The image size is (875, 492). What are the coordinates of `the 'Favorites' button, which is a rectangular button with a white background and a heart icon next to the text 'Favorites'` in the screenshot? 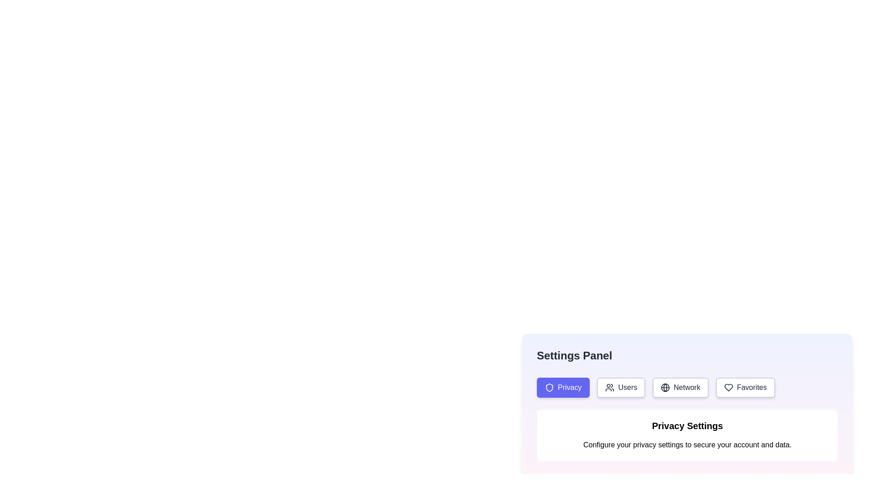 It's located at (745, 388).